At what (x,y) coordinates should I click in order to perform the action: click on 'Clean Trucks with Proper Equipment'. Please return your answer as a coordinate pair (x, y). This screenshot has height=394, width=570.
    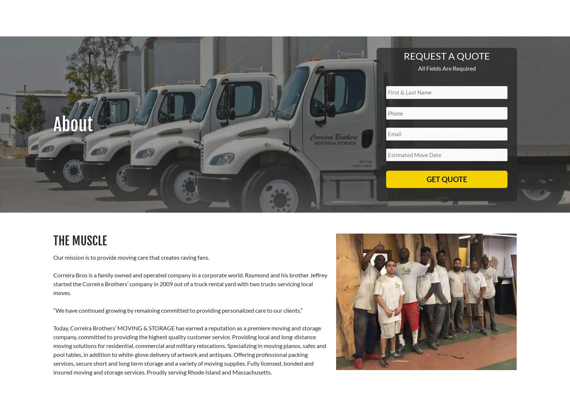
    Looking at the image, I should click on (399, 196).